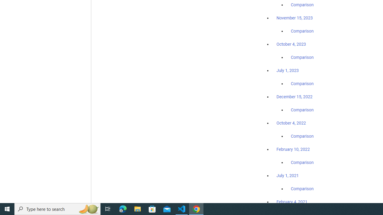 Image resolution: width=383 pixels, height=215 pixels. Describe the element at coordinates (292, 202) in the screenshot. I see `'February 4, 2021'` at that location.